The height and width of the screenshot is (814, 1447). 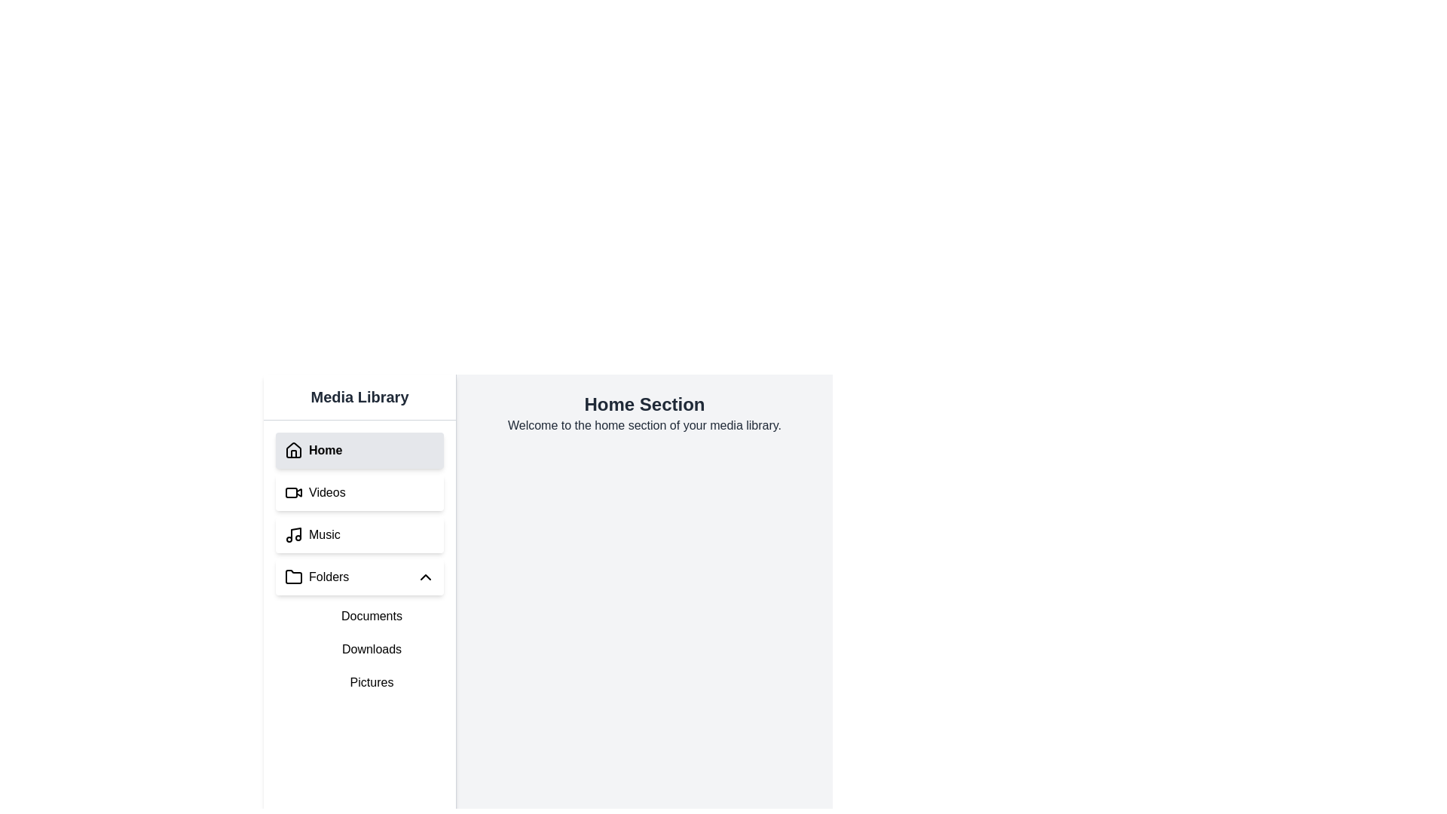 I want to click on the vertical stem of the musical note icon in the 'Music' section of the sidebar menu, located on the third row, so click(x=296, y=533).